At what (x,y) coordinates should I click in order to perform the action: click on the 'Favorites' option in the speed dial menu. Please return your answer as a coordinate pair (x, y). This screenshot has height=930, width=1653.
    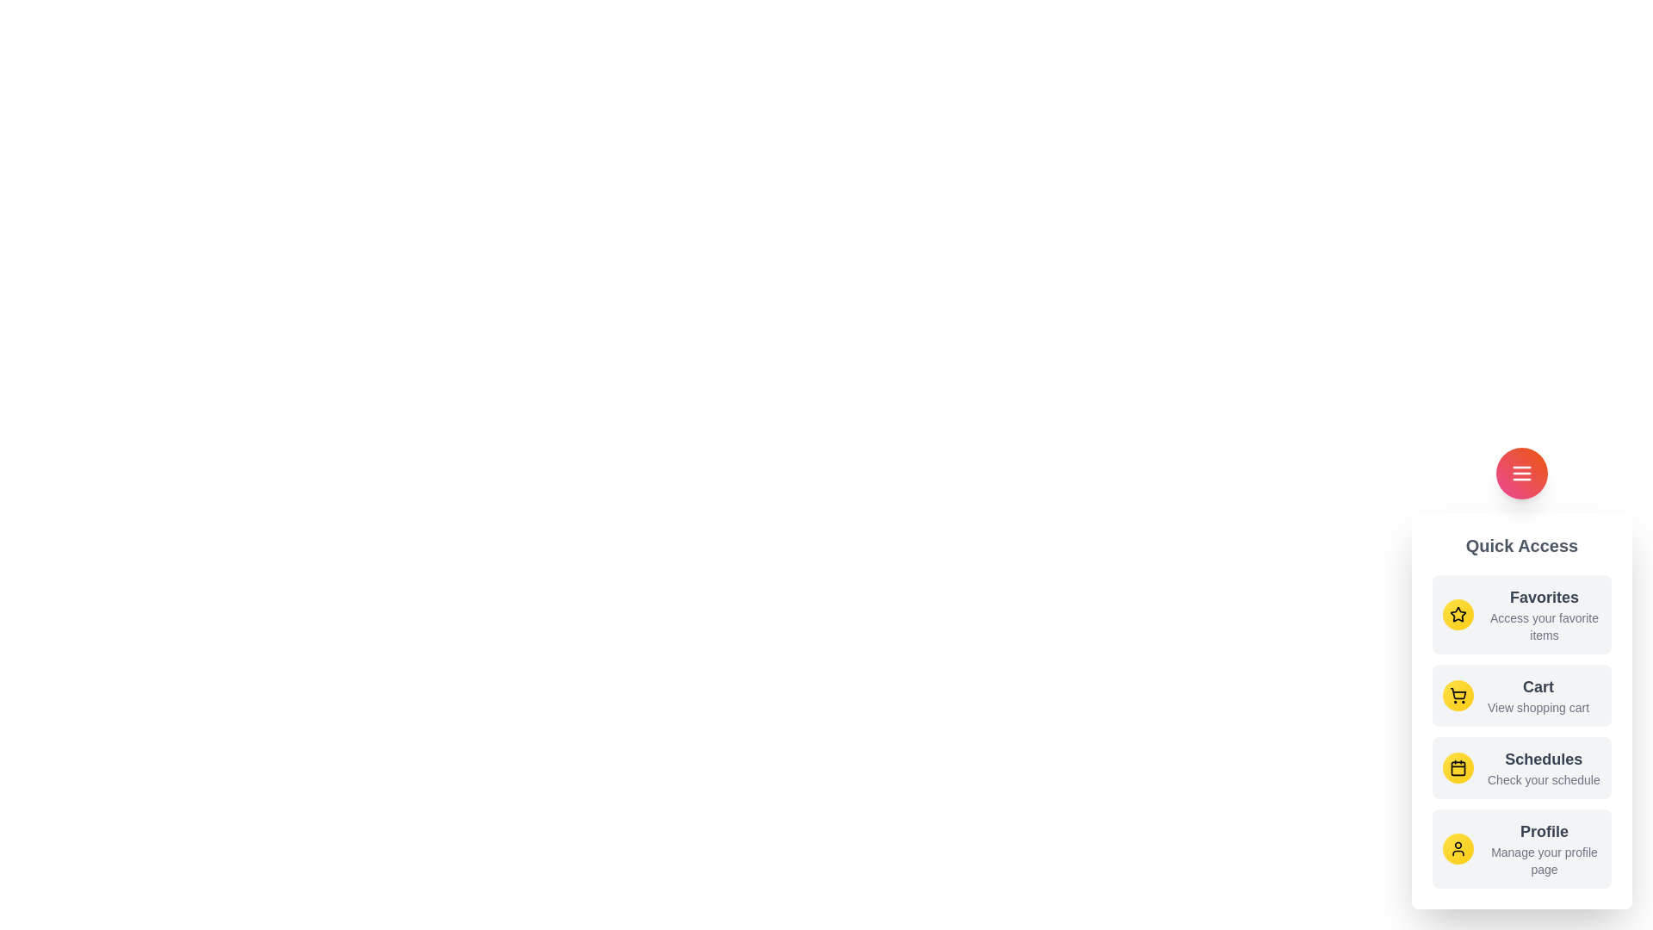
    Looking at the image, I should click on (1521, 613).